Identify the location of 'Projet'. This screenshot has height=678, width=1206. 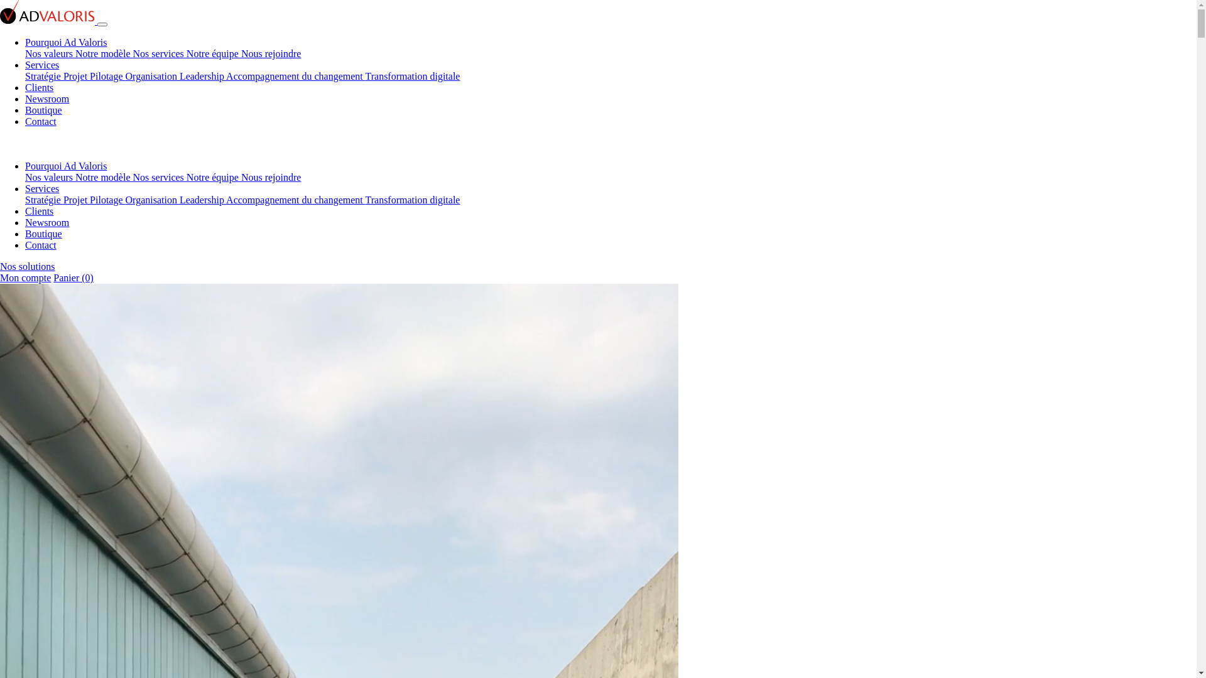
(75, 76).